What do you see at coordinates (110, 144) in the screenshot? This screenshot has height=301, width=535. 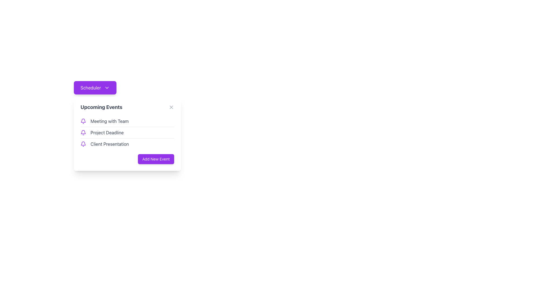 I see `the text label displaying the title of an event, which is the third item` at bounding box center [110, 144].